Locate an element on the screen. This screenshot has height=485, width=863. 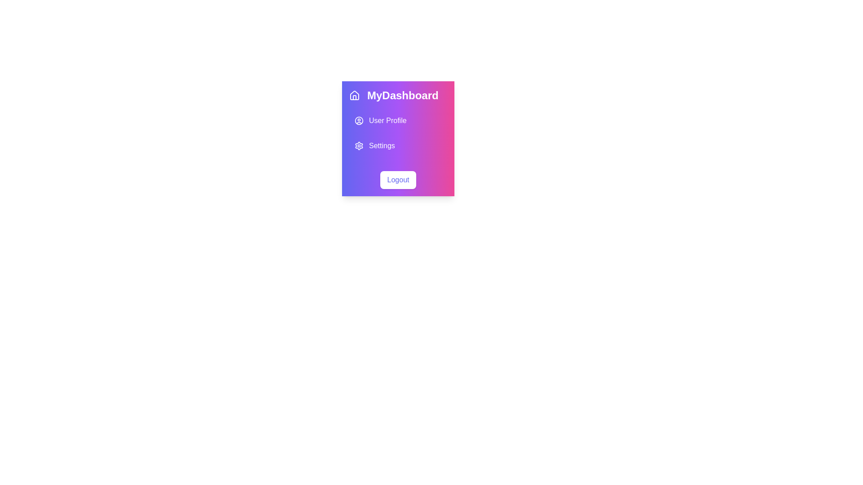
the logout button located at the bottom of the 'MyDashboard' section to log out of the system is located at coordinates (398, 180).